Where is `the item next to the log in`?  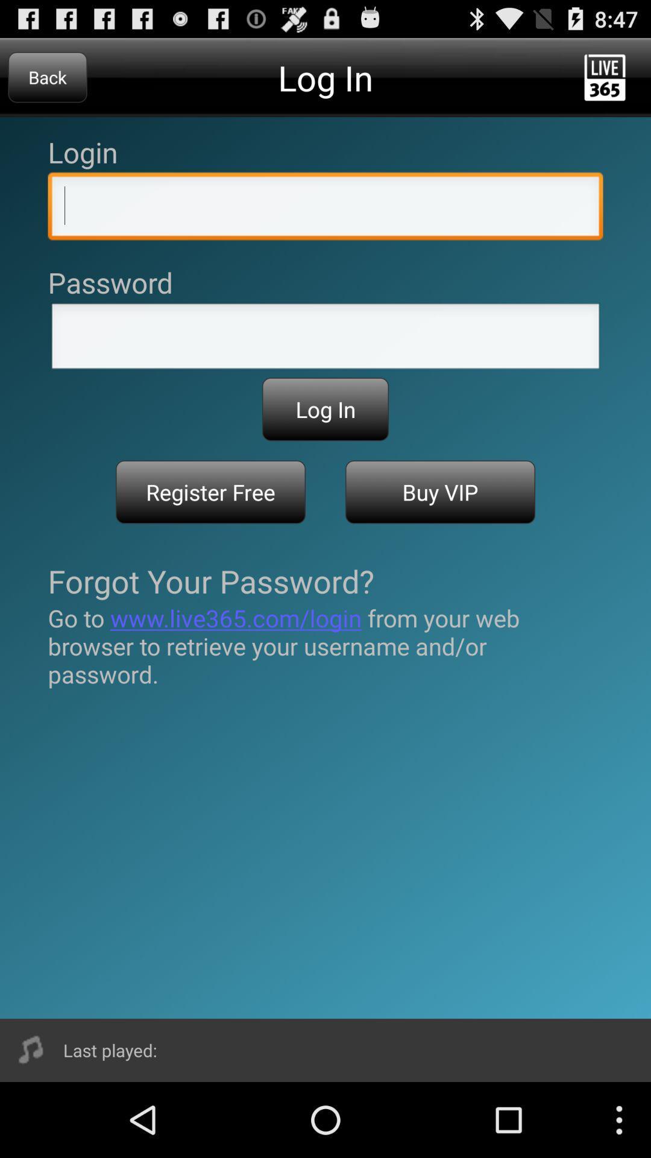 the item next to the log in is located at coordinates (47, 77).